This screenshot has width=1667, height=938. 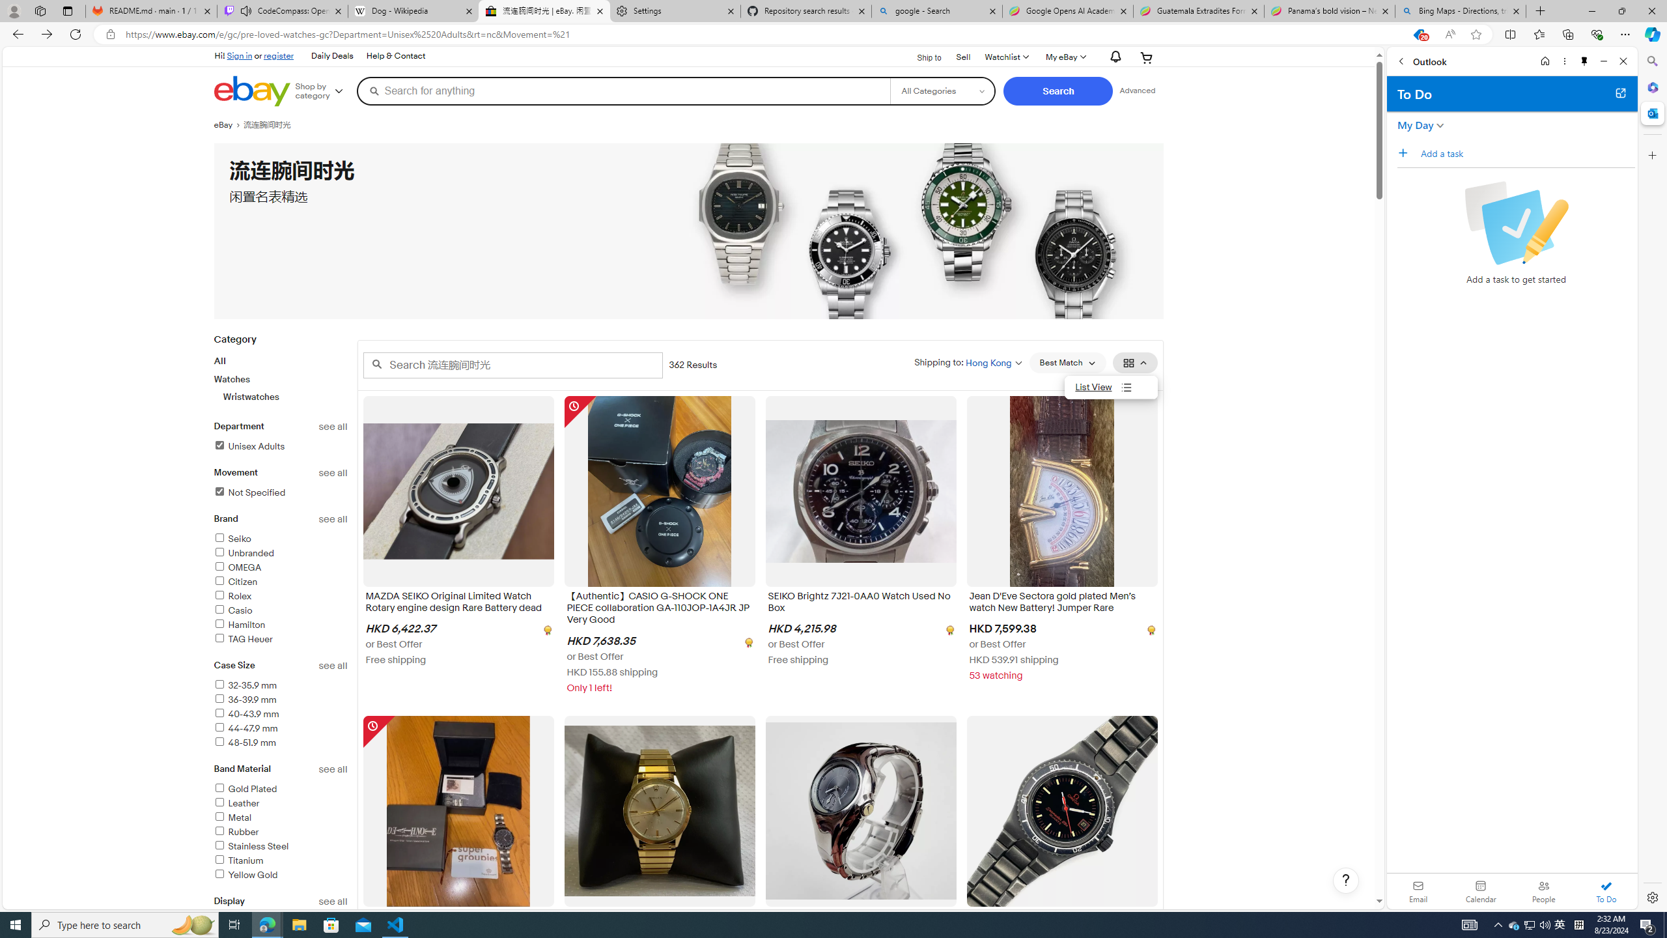 I want to click on 'TAG Heuer', so click(x=242, y=639).